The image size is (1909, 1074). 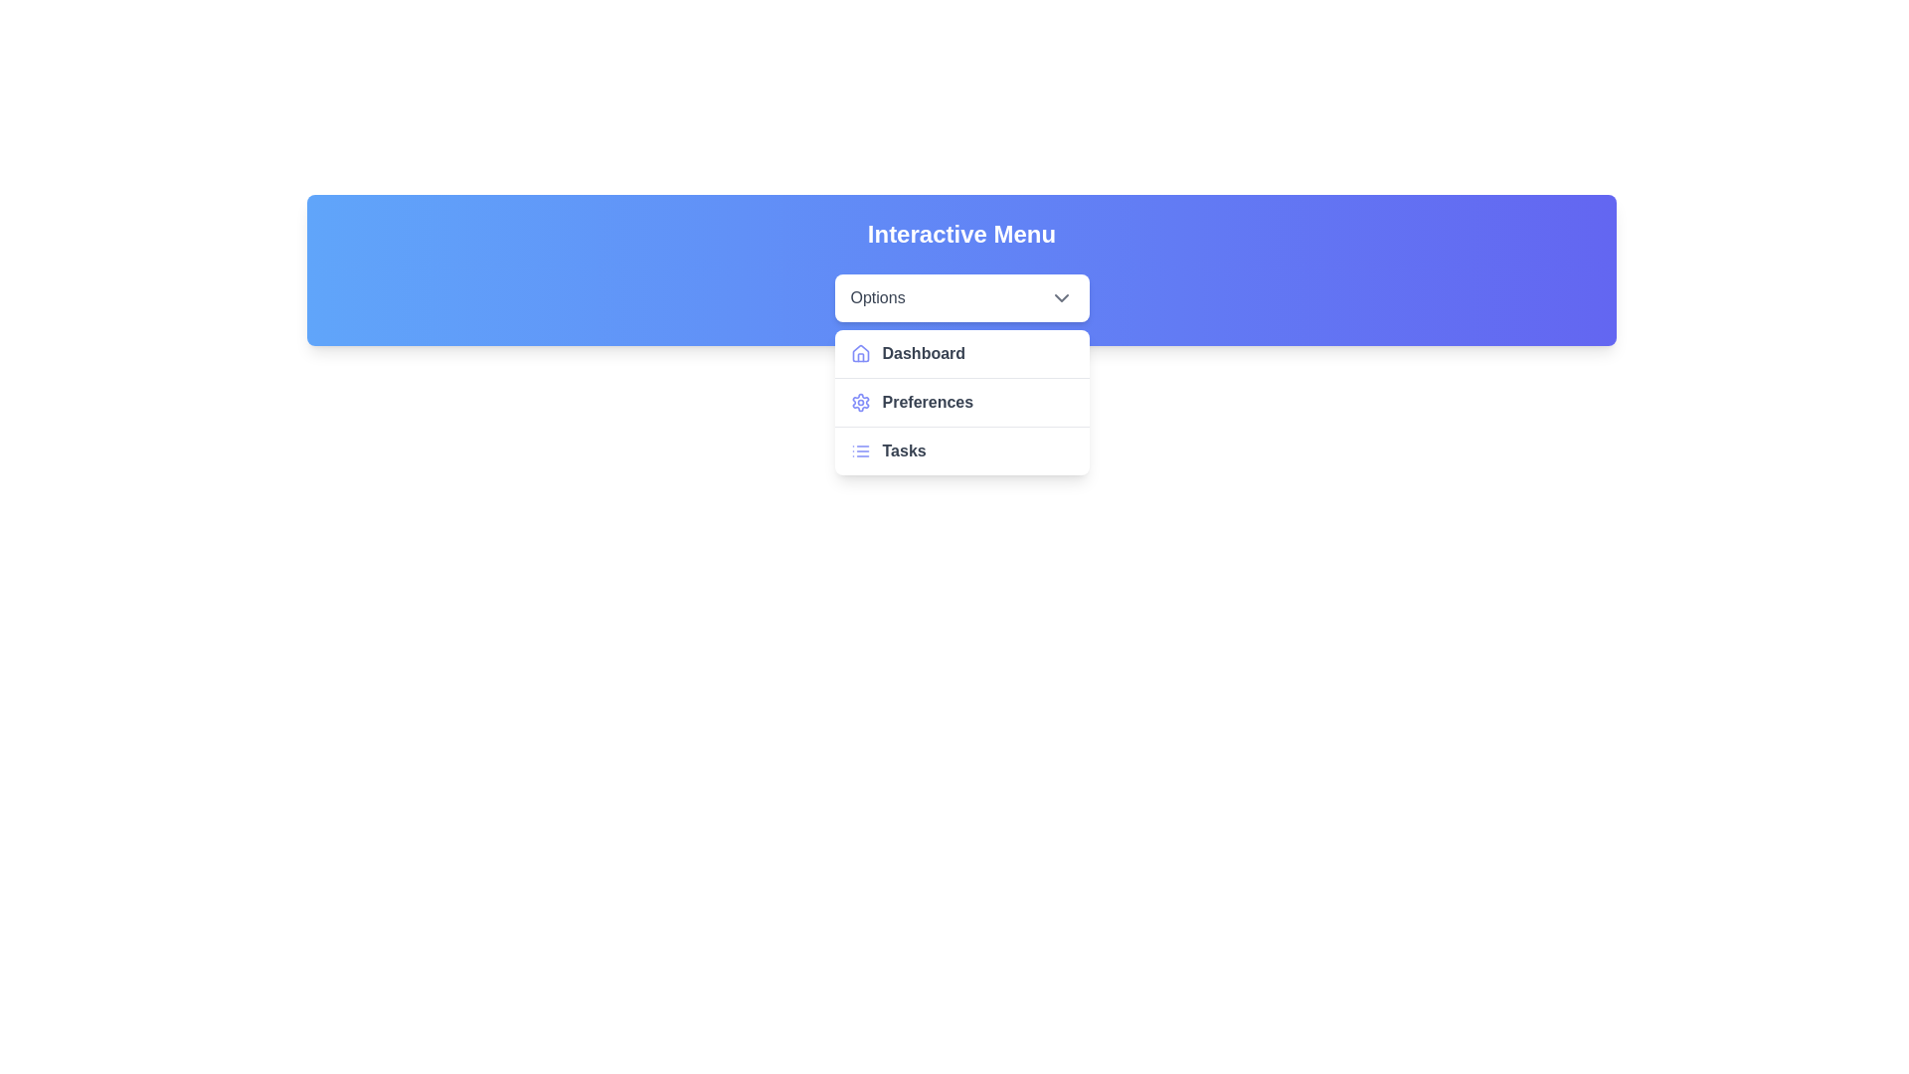 What do you see at coordinates (961, 402) in the screenshot?
I see `the second item in the vertical menu list, which navigates to the Preferences section of the application` at bounding box center [961, 402].